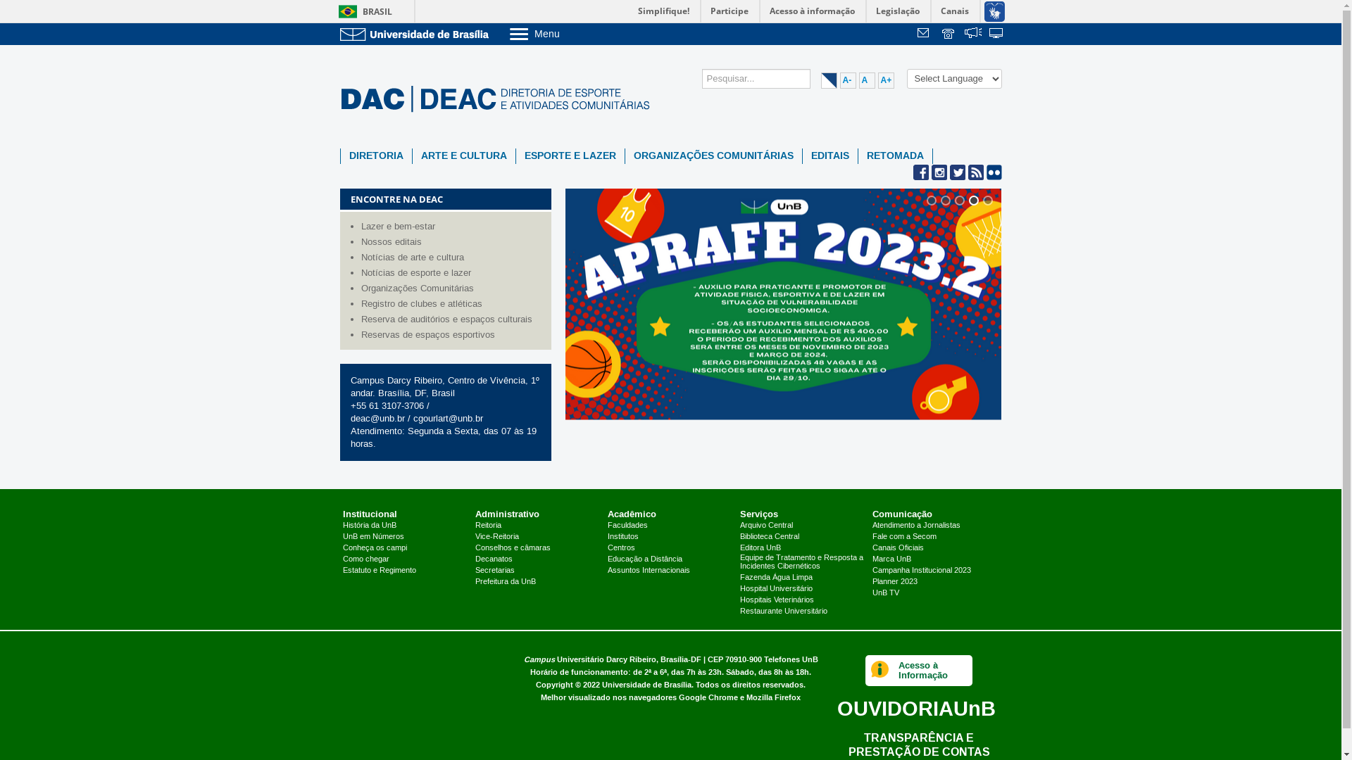 The height and width of the screenshot is (760, 1352). I want to click on 'Editora UnB', so click(760, 547).